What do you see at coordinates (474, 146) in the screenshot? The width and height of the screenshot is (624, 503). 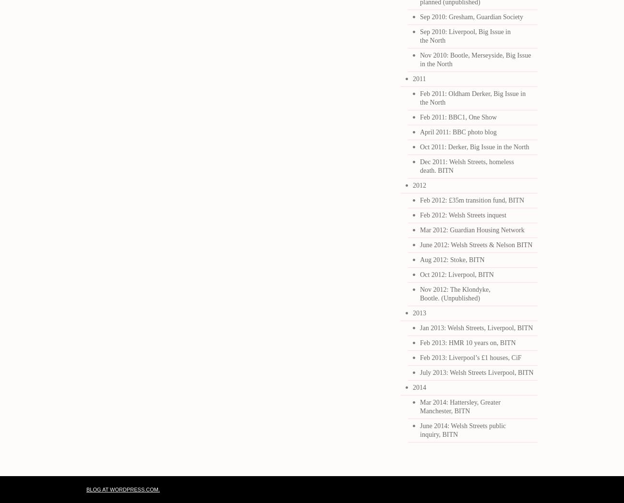 I see `'Oct 2011: Derker, Big Issue in the North'` at bounding box center [474, 146].